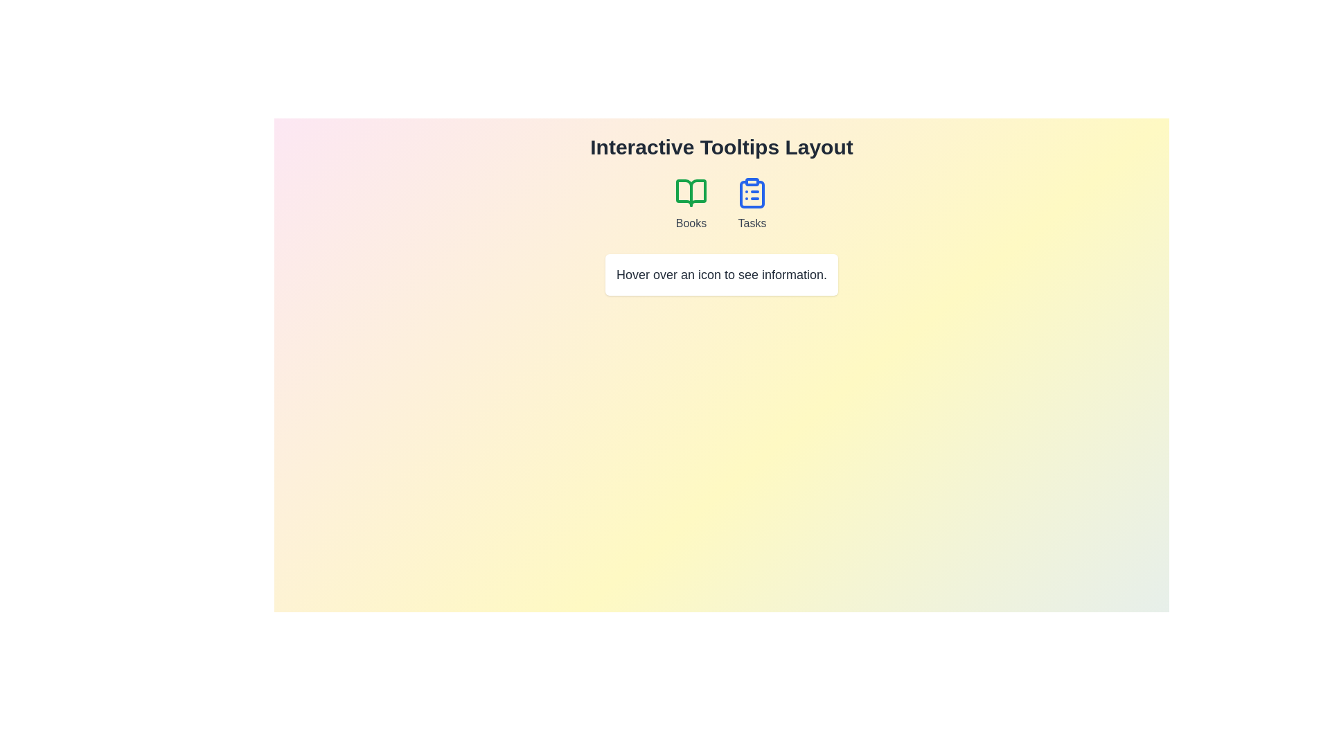 This screenshot has height=748, width=1330. Describe the element at coordinates (691, 193) in the screenshot. I see `the 'Books' icon located in the upper half of the interface, which is the leftmost icon in a pair of icons` at that location.